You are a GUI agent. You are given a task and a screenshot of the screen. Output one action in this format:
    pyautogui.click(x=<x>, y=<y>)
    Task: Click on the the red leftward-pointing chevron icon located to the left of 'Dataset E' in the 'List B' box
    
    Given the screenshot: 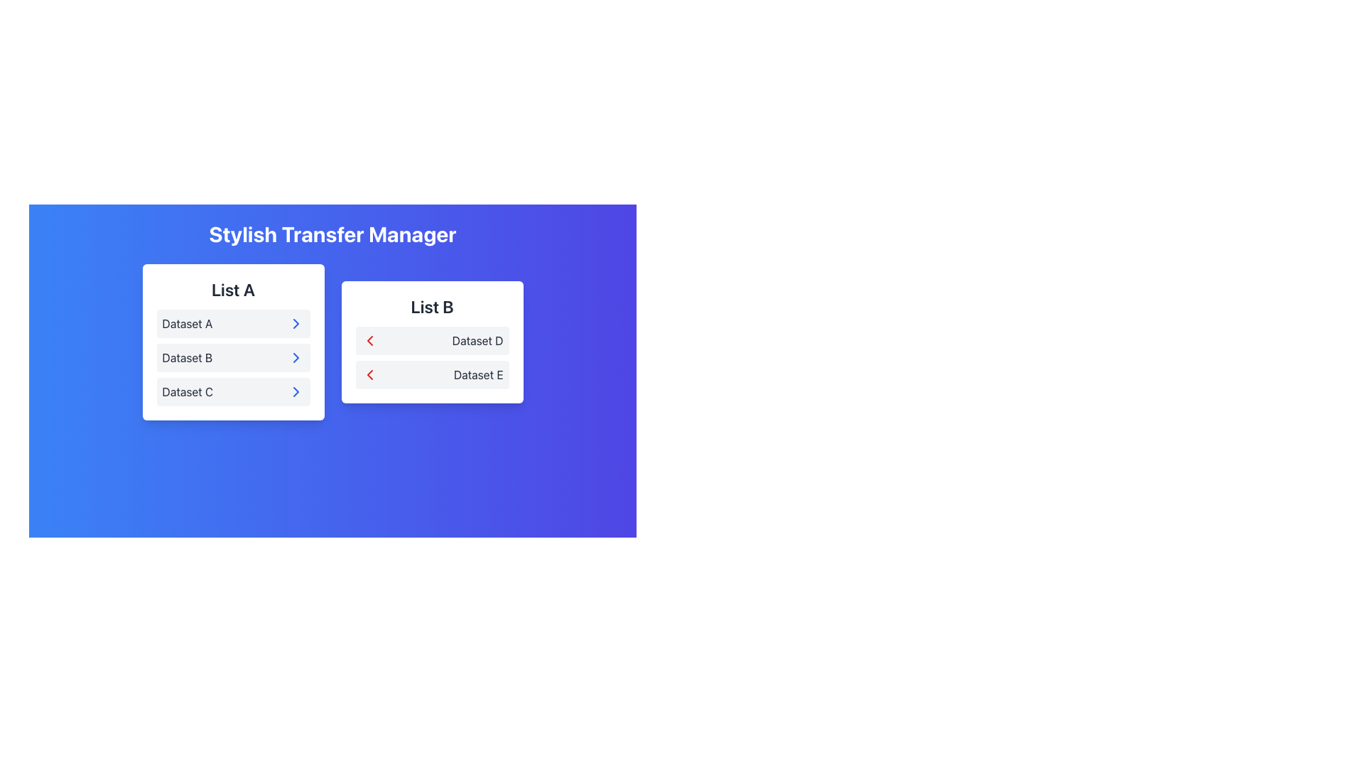 What is the action you would take?
    pyautogui.click(x=369, y=374)
    